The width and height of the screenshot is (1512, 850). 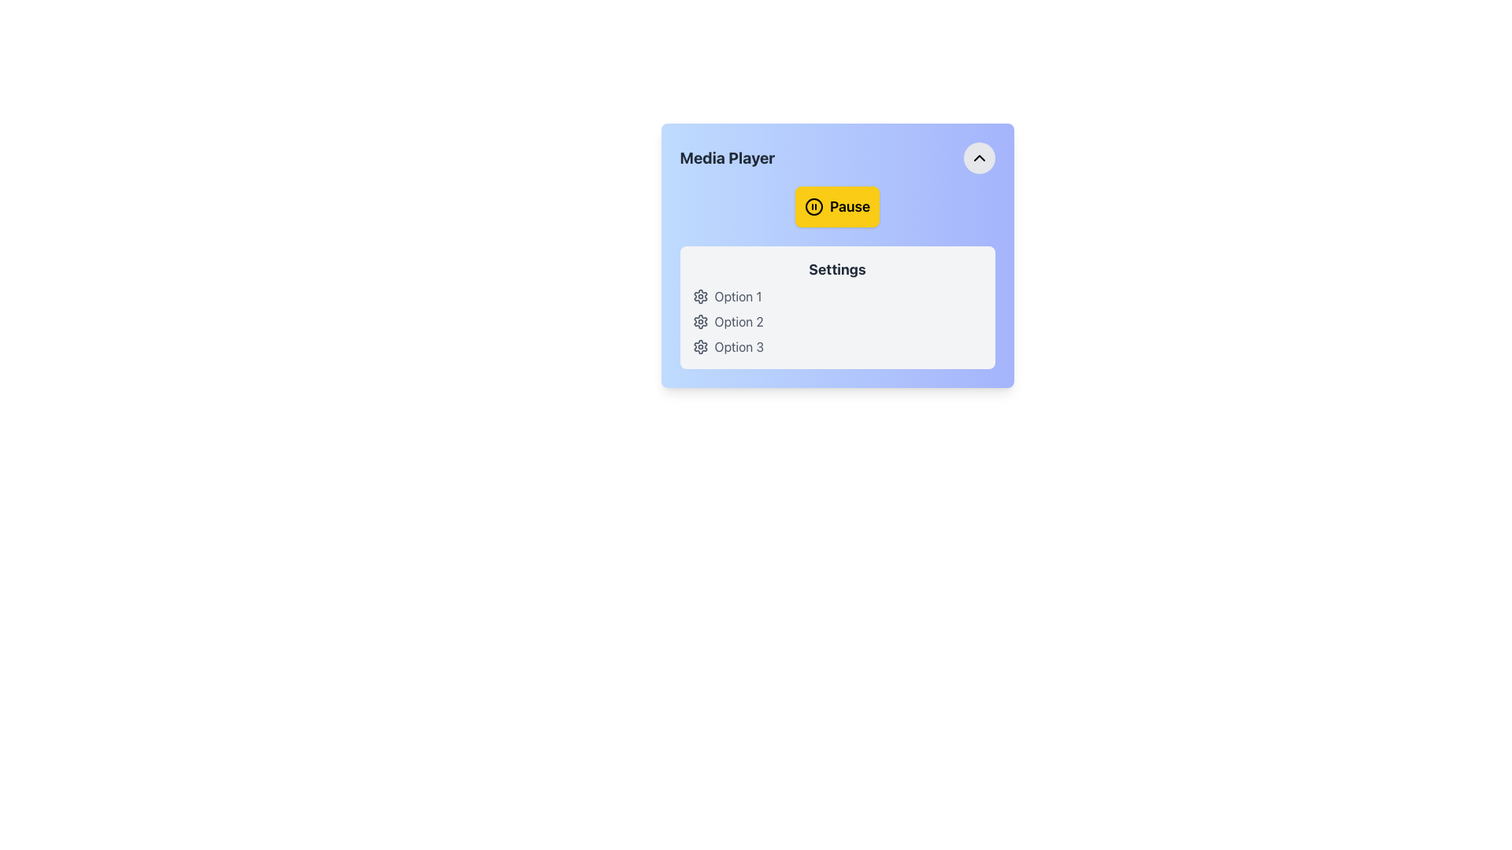 I want to click on the pause icon located within the yellow 'Pause' button at the upper part of the 'Media Player' card, so click(x=813, y=205).